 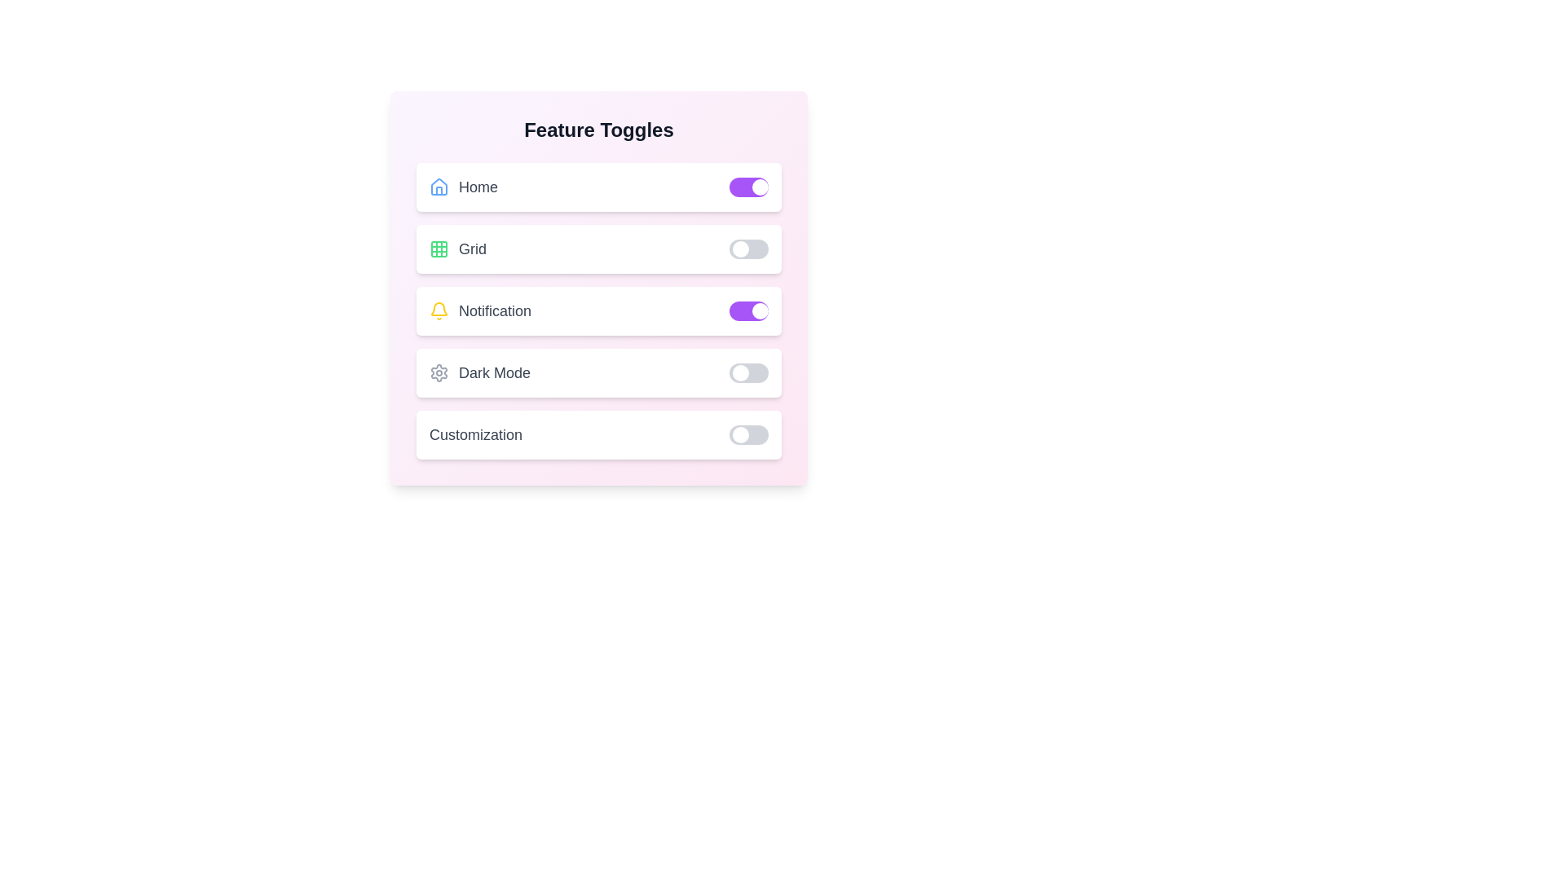 What do you see at coordinates (439, 373) in the screenshot?
I see `the cogwheel icon representing the 'Dark Mode' toggle option` at bounding box center [439, 373].